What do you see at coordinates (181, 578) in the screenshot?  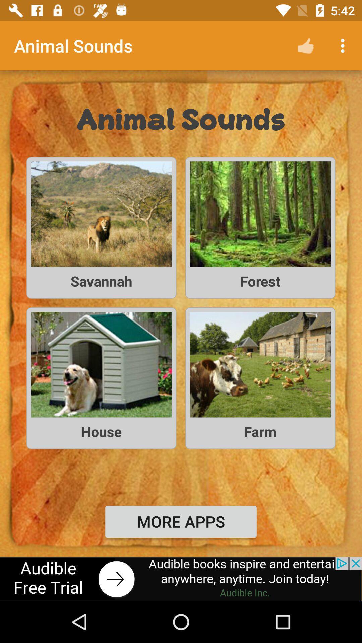 I see `button` at bounding box center [181, 578].